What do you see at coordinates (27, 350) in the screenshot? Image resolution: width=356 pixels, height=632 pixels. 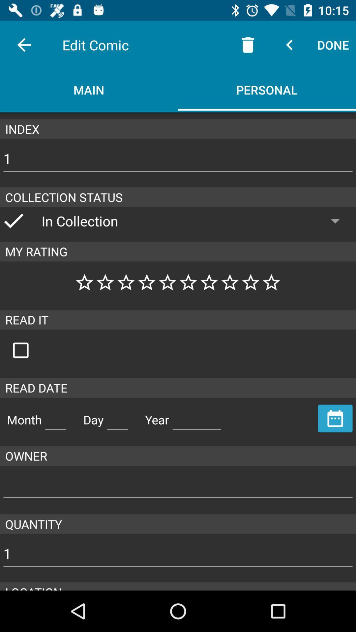 I see `zoom button` at bounding box center [27, 350].